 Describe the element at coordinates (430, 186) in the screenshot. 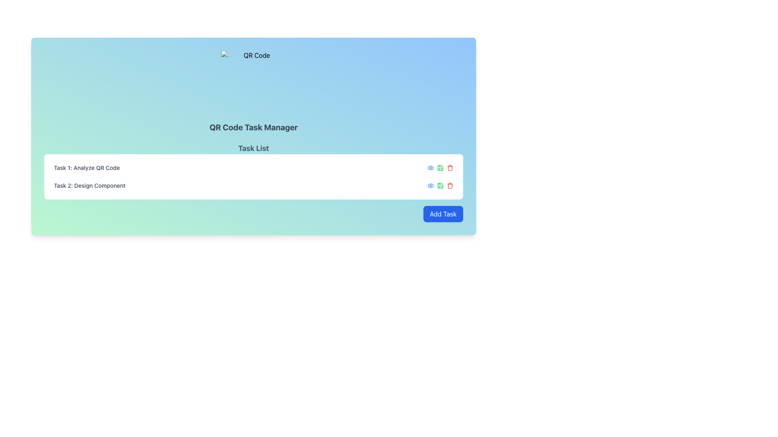

I see `the 'View' icon button located in the upper-left part of the action buttons for the first task` at that location.